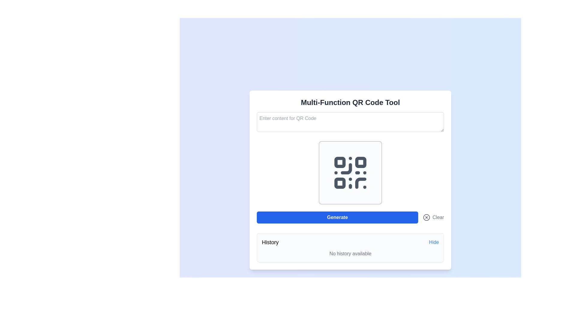 This screenshot has width=576, height=324. Describe the element at coordinates (340, 162) in the screenshot. I see `the small rectangular shape with rounded corners located in the upper-left corner of the QR-like grid design` at that location.